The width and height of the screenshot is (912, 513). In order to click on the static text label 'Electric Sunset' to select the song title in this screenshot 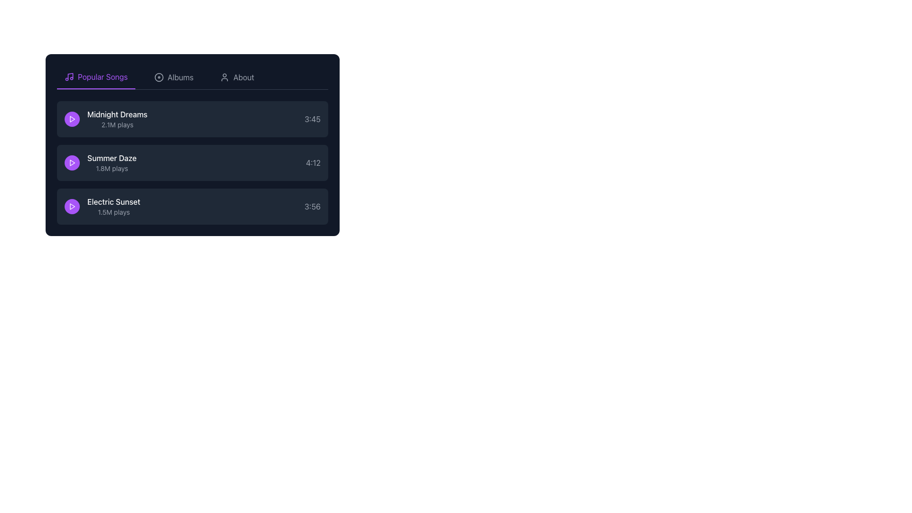, I will do `click(114, 201)`.